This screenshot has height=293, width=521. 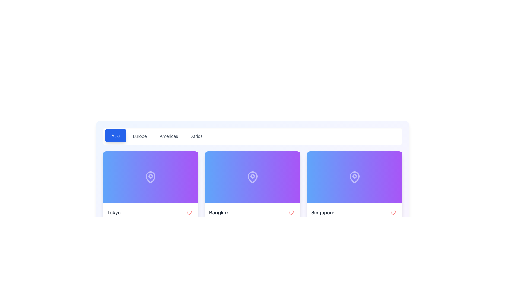 What do you see at coordinates (354, 177) in the screenshot?
I see `the Div element representing the card section for Singapore, which is the third card from the left in the row, to present more details or actions related to this location` at bounding box center [354, 177].